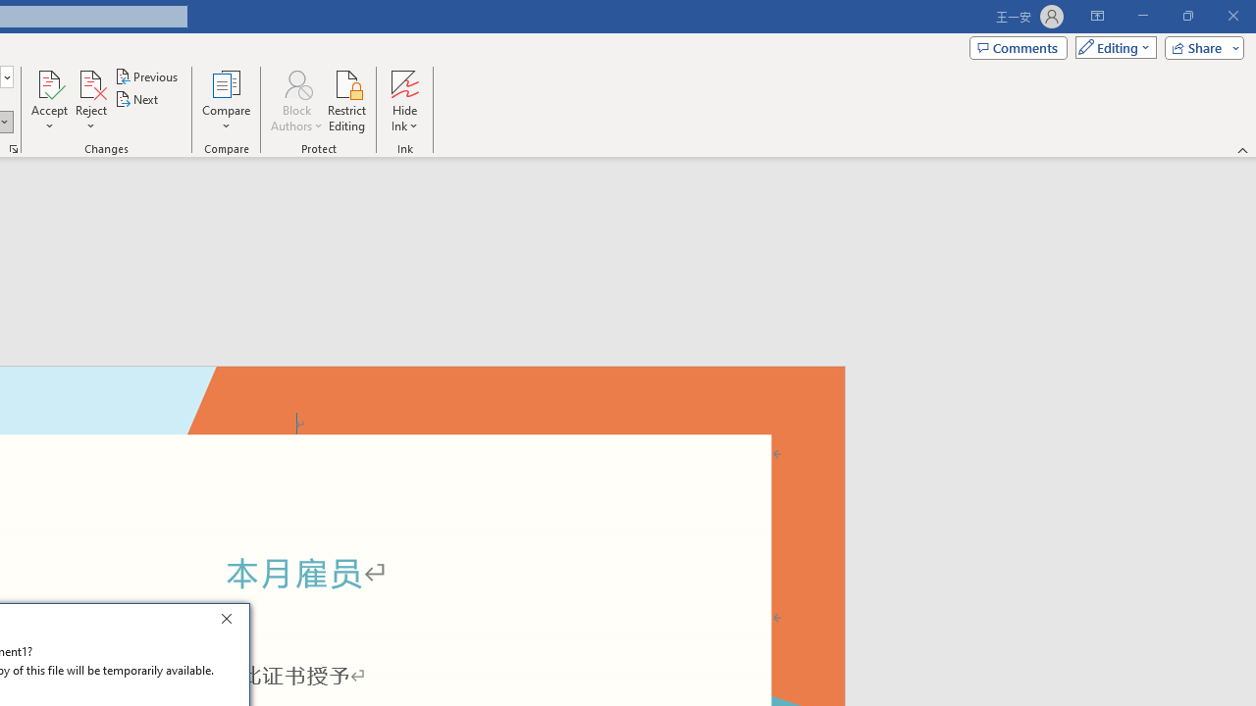 The height and width of the screenshot is (706, 1256). Describe the element at coordinates (227, 101) in the screenshot. I see `'Compare'` at that location.